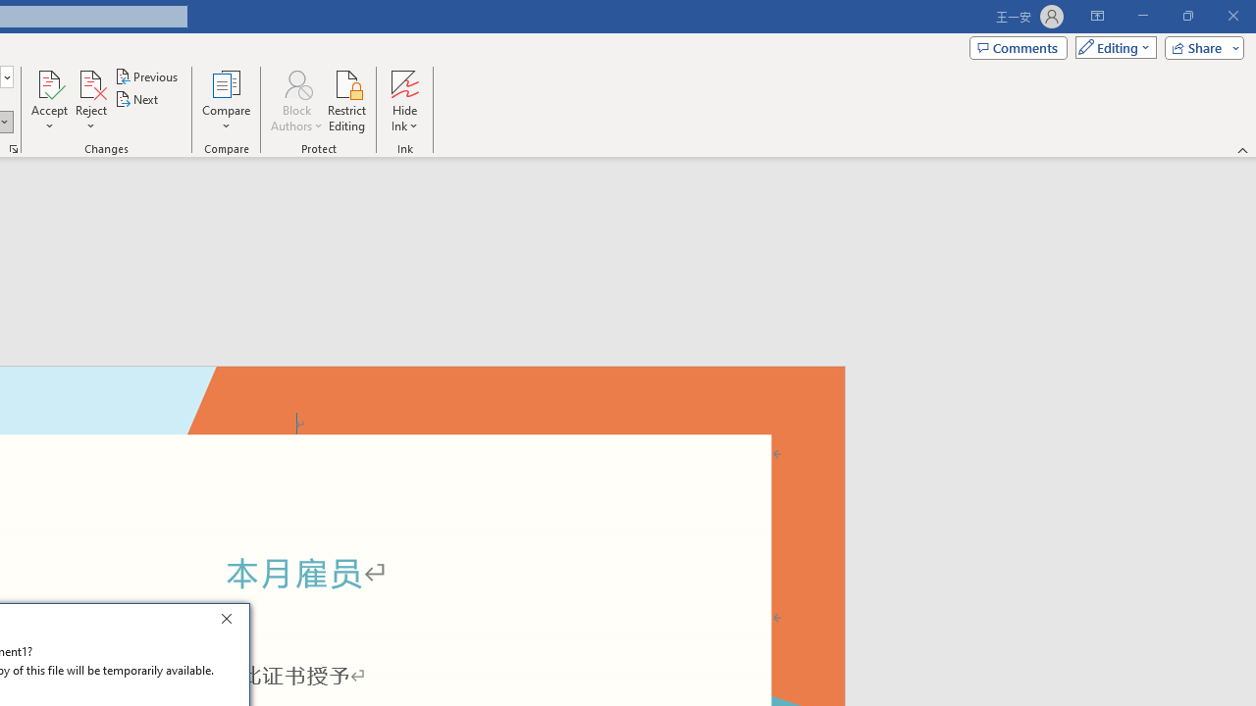 The height and width of the screenshot is (706, 1256). Describe the element at coordinates (227, 101) in the screenshot. I see `'Compare'` at that location.